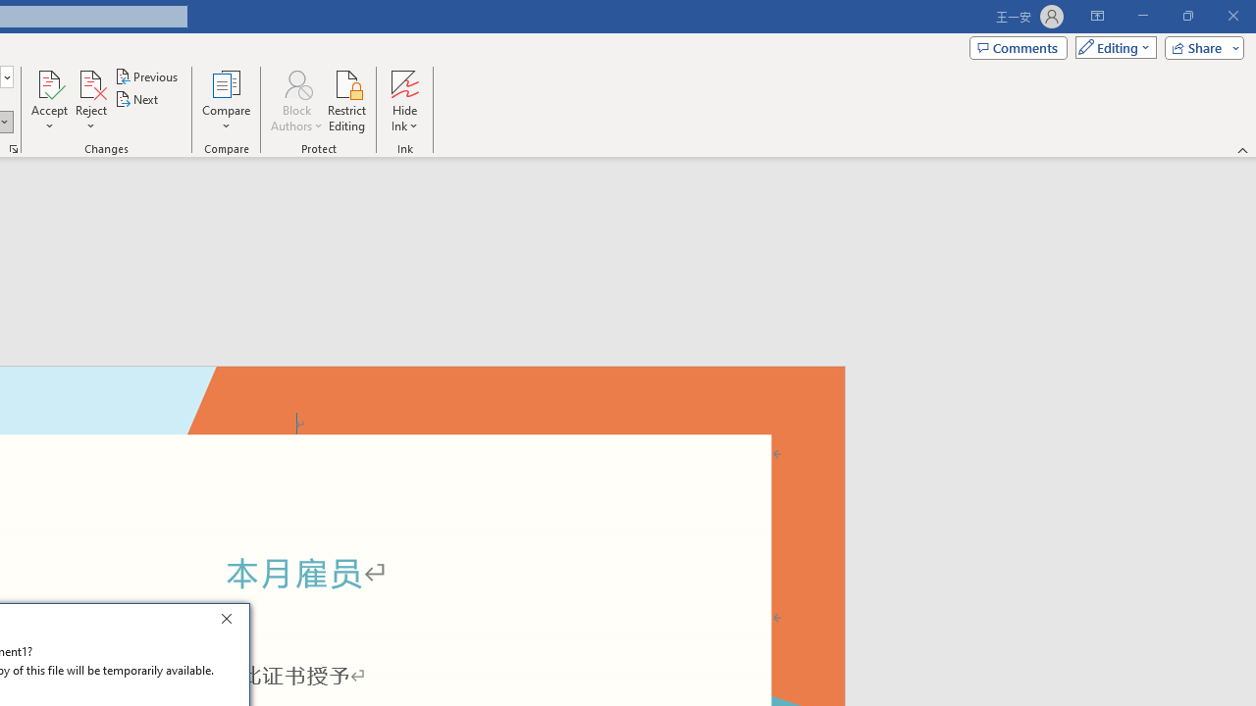 The height and width of the screenshot is (706, 1256). Describe the element at coordinates (227, 101) in the screenshot. I see `'Compare'` at that location.